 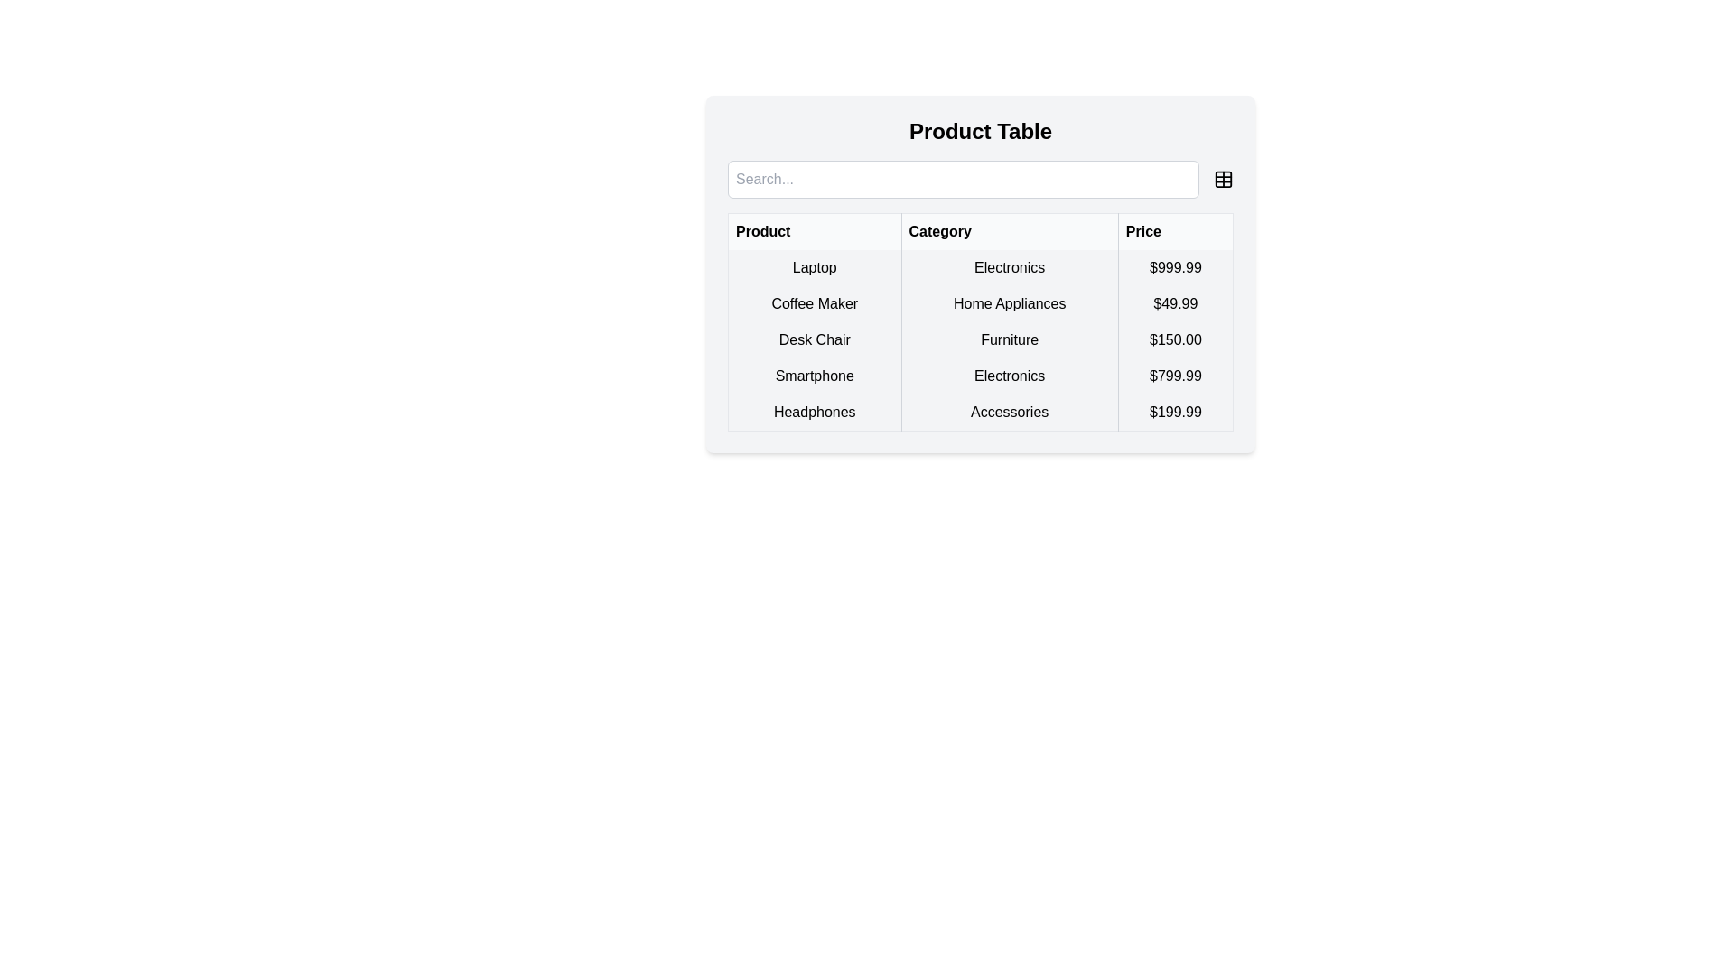 What do you see at coordinates (814, 302) in the screenshot?
I see `the 'Coffee Maker' text label located in the first cell of the second row under the 'Product' column` at bounding box center [814, 302].